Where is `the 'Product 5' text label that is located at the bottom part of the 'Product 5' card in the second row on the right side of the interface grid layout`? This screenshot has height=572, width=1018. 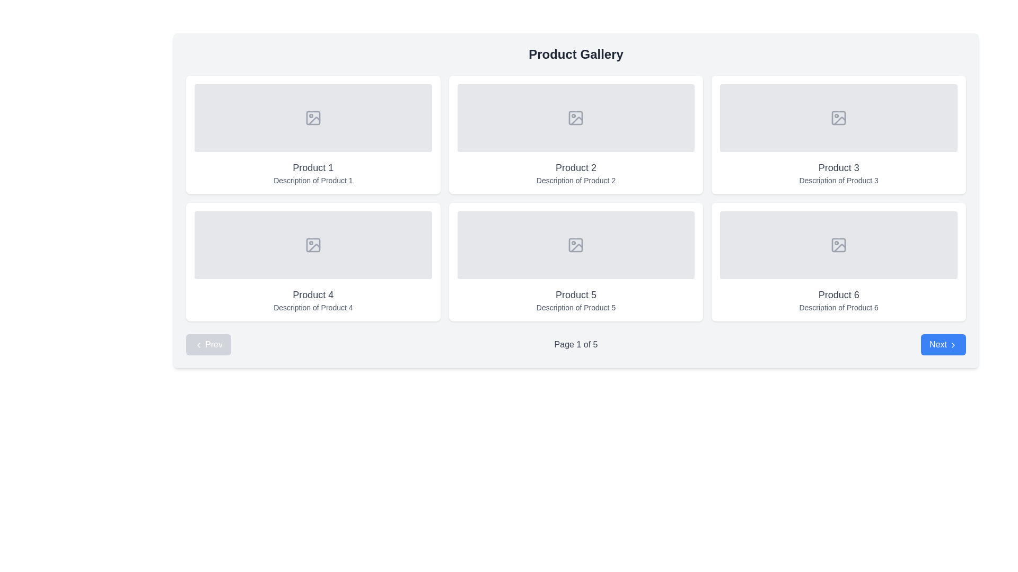 the 'Product 5' text label that is located at the bottom part of the 'Product 5' card in the second row on the right side of the interface grid layout is located at coordinates (575, 294).